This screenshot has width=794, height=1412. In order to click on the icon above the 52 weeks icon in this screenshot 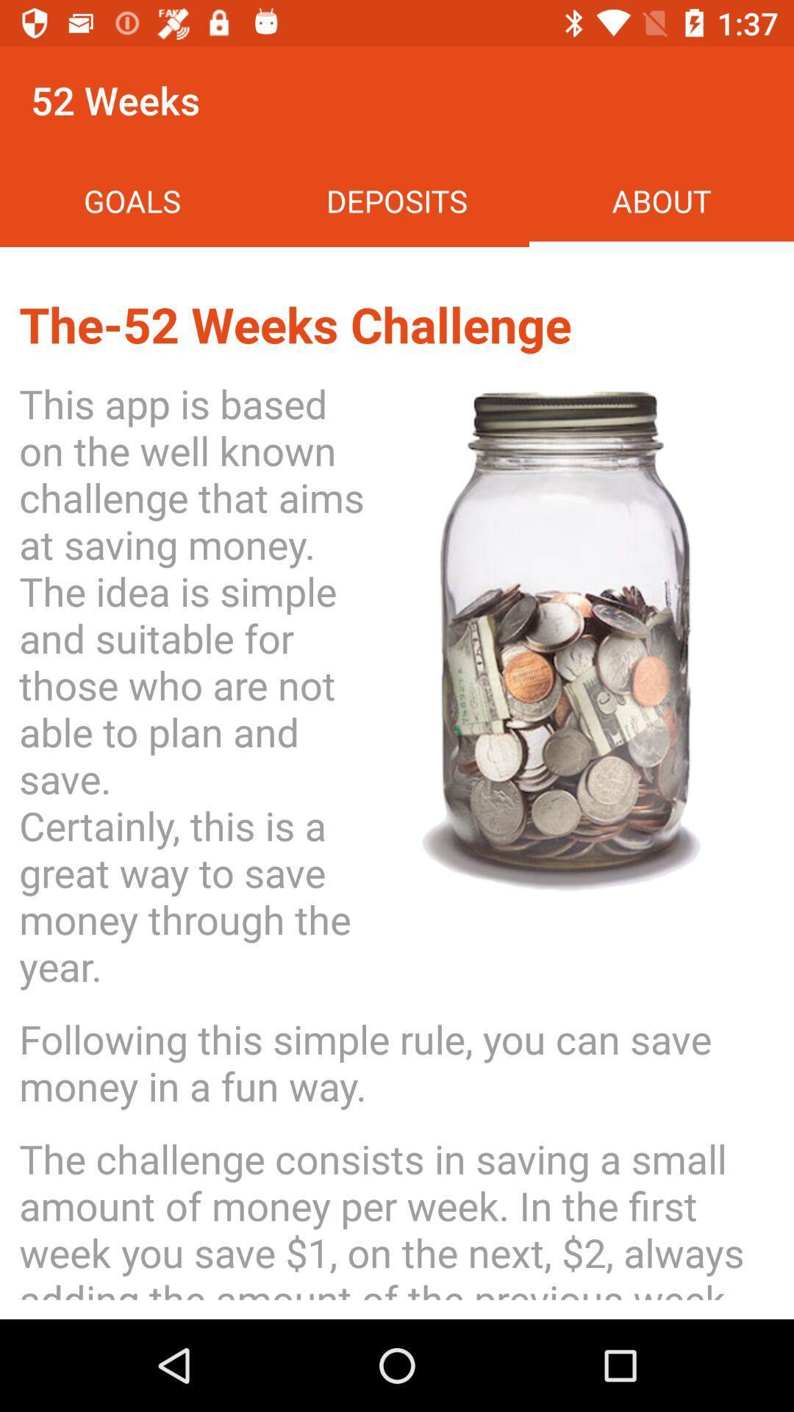, I will do `click(397, 200)`.